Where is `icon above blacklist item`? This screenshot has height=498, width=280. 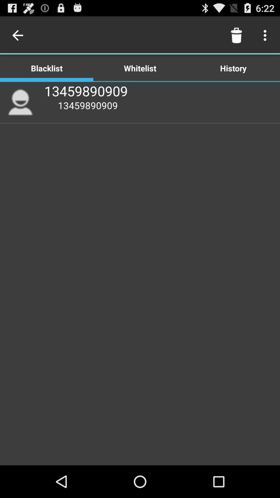
icon above blacklist item is located at coordinates (19, 35).